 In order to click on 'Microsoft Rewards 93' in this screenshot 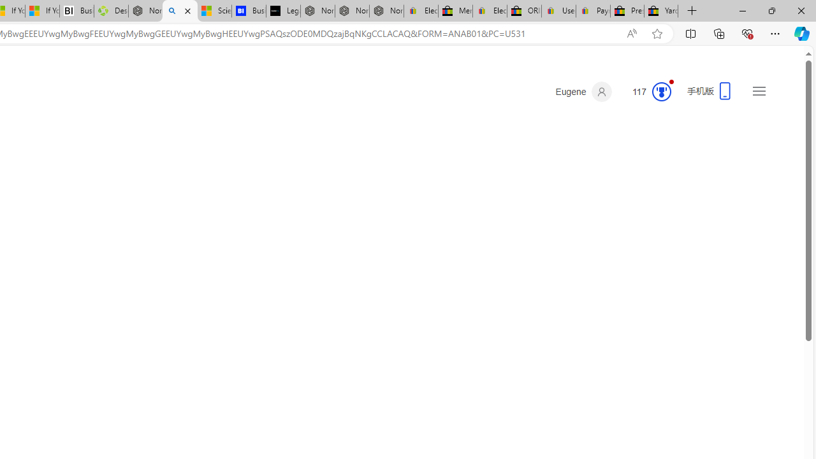, I will do `click(646, 91)`.